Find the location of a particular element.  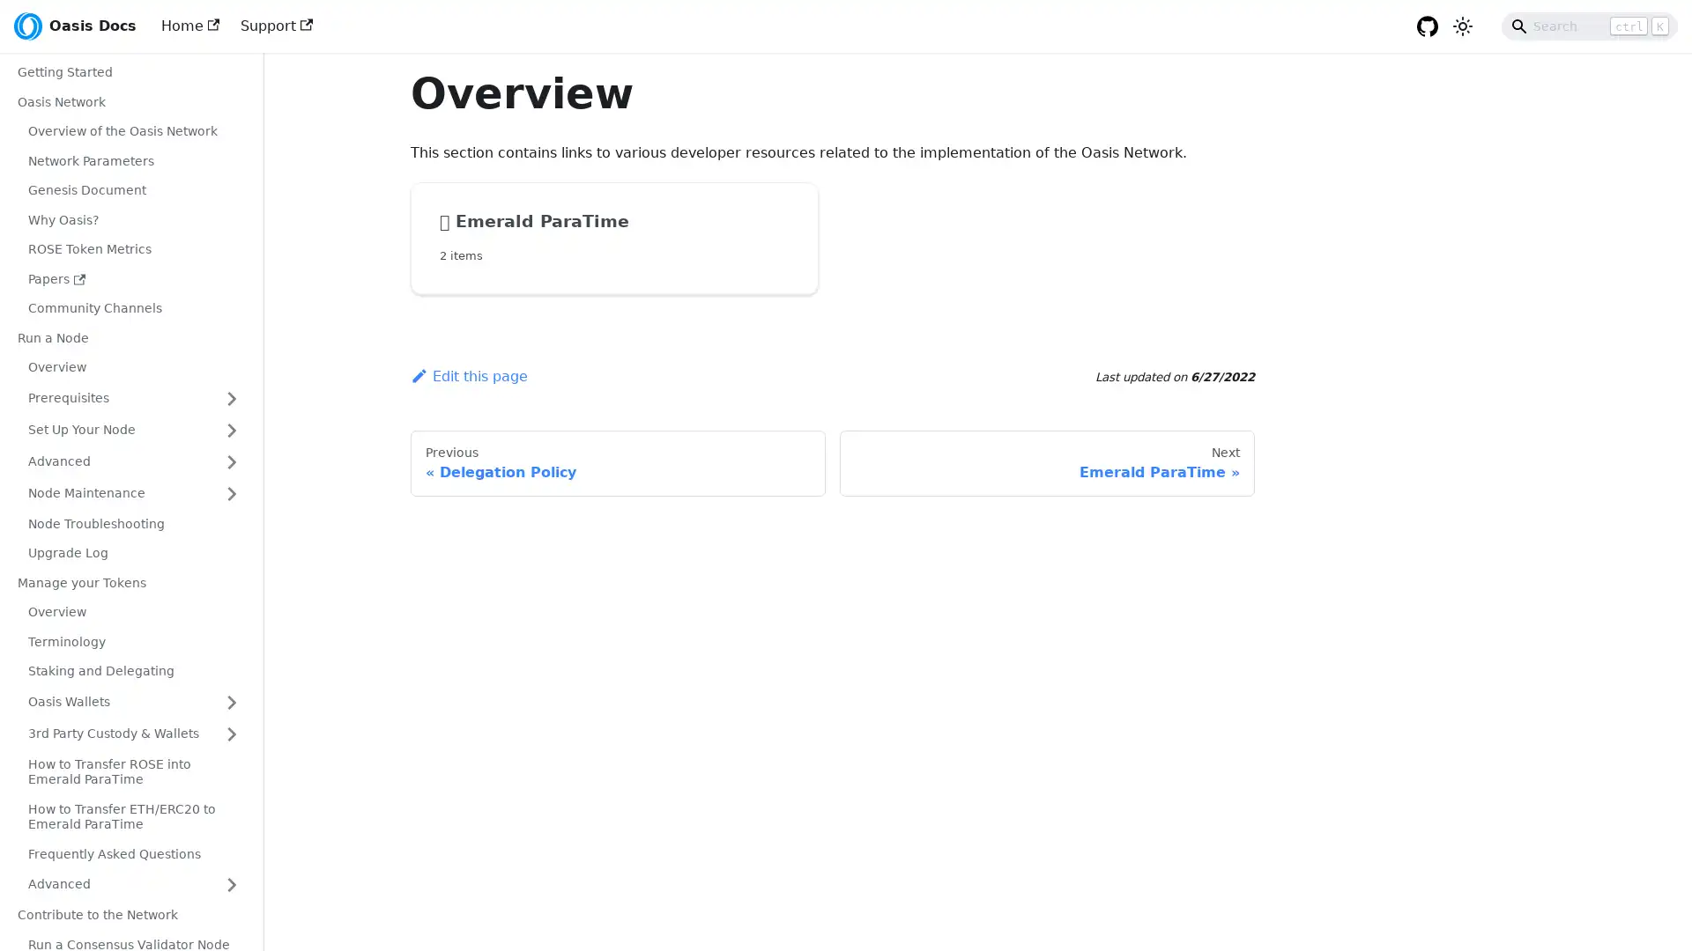

Toggle the collapsible sidebar category 'Prerequisites' is located at coordinates (231, 397).